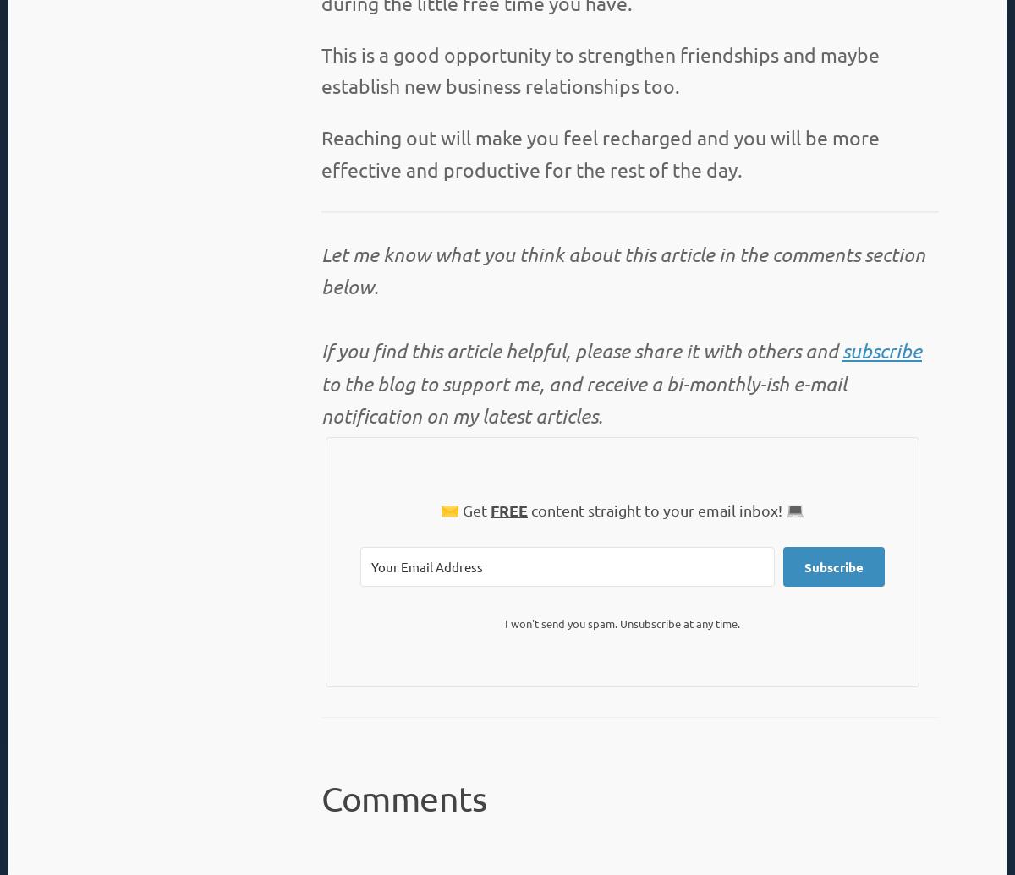  What do you see at coordinates (528, 508) in the screenshot?
I see `'content straight to your email inbox! 💻'` at bounding box center [528, 508].